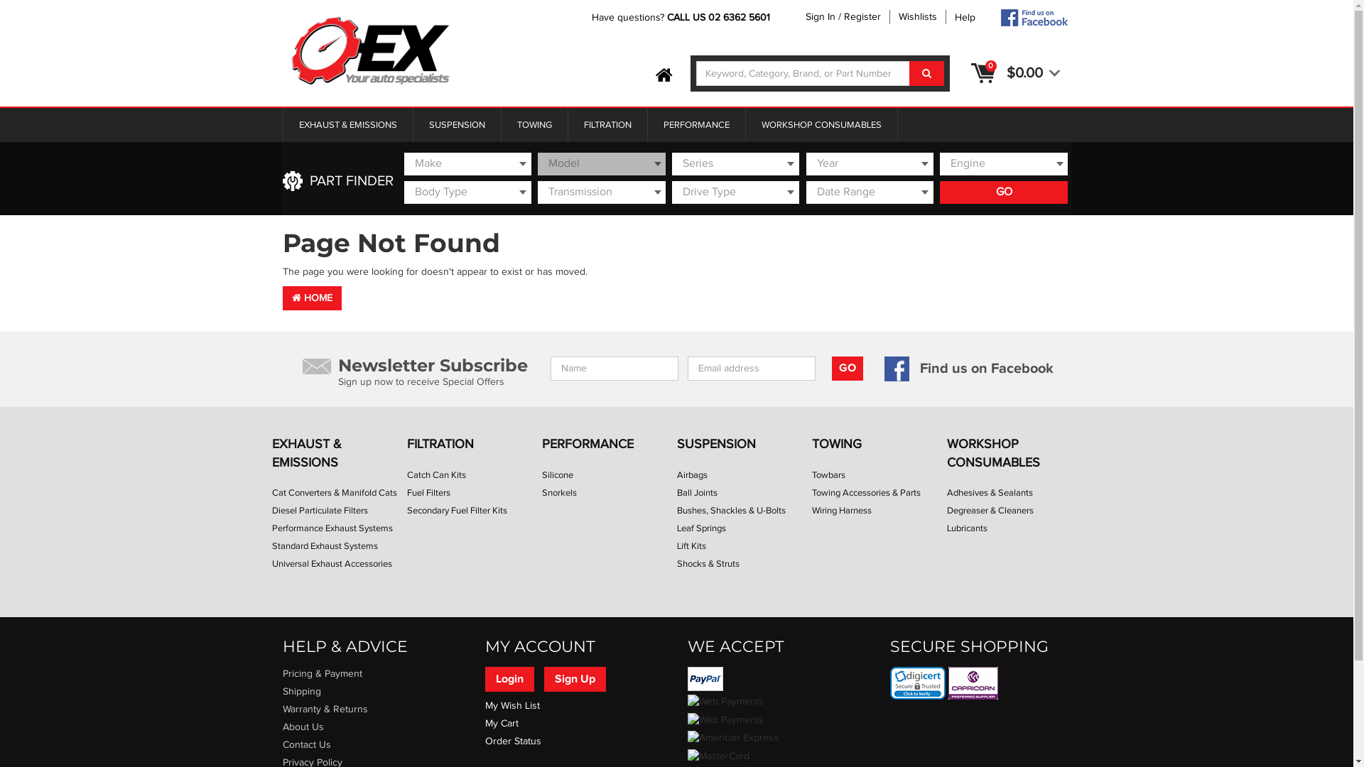 The width and height of the screenshot is (1364, 767). I want to click on 'Wishlists', so click(917, 16).